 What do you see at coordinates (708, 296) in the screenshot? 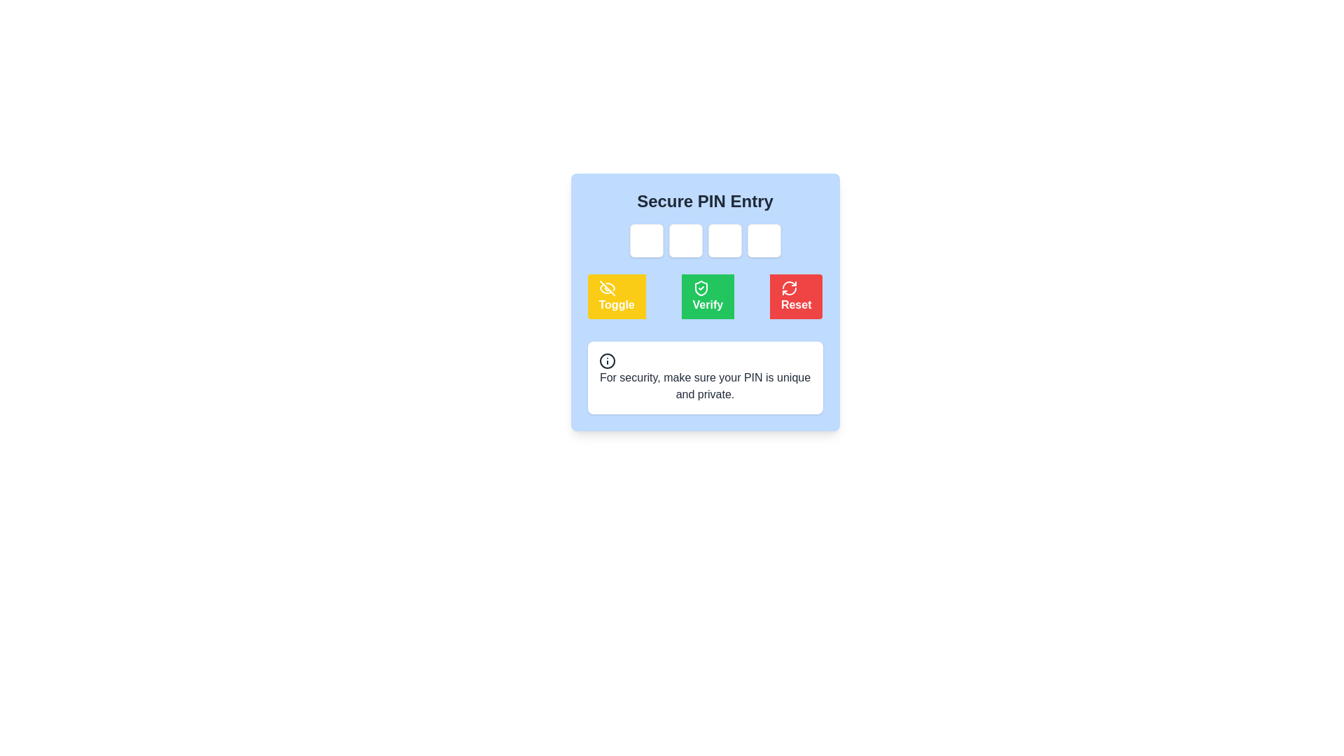
I see `the medium-sized green 'Verify' button with white text and a shield icon to verify the input` at bounding box center [708, 296].